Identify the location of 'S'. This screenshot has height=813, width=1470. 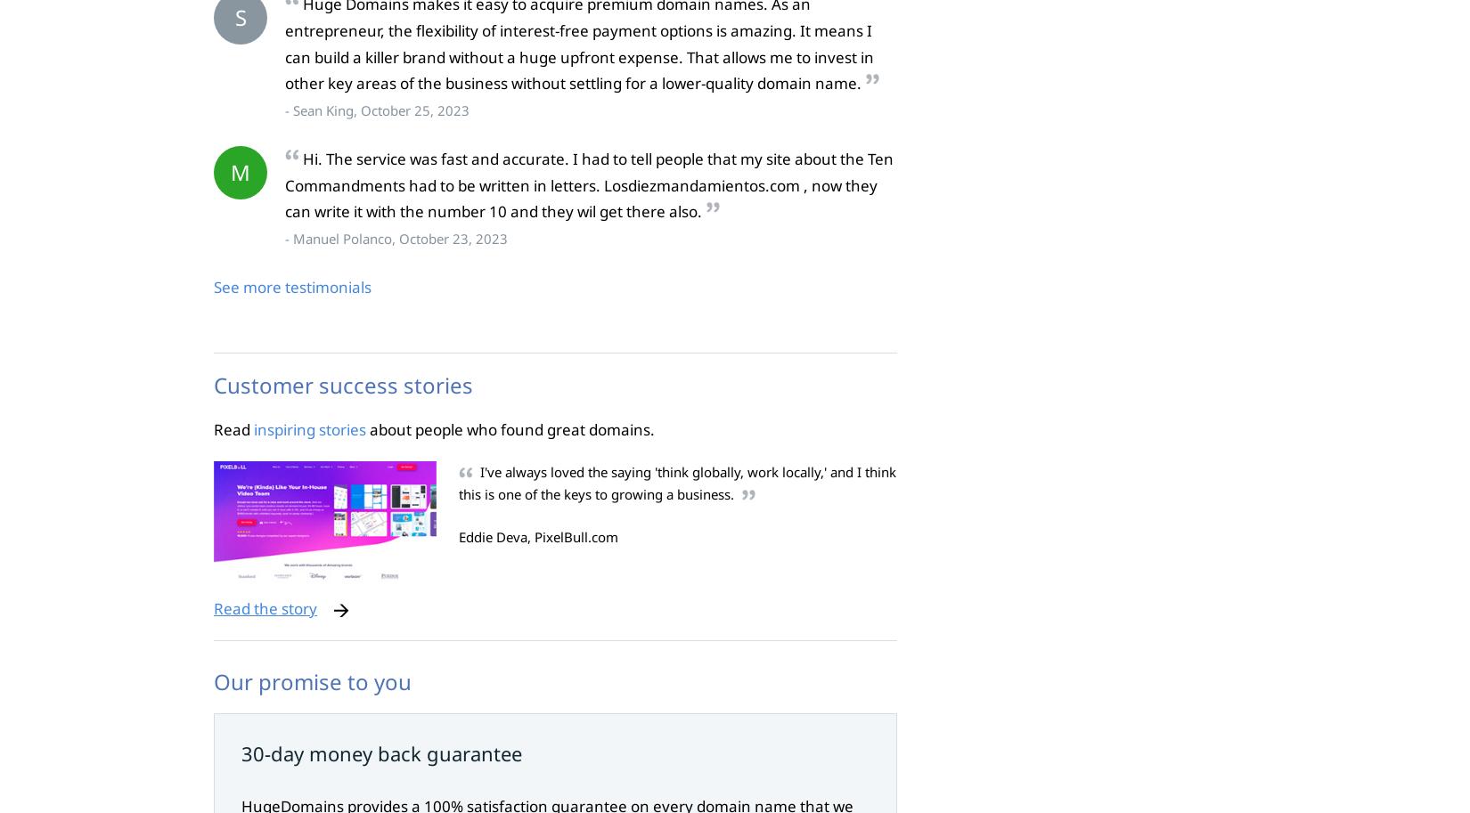
(240, 17).